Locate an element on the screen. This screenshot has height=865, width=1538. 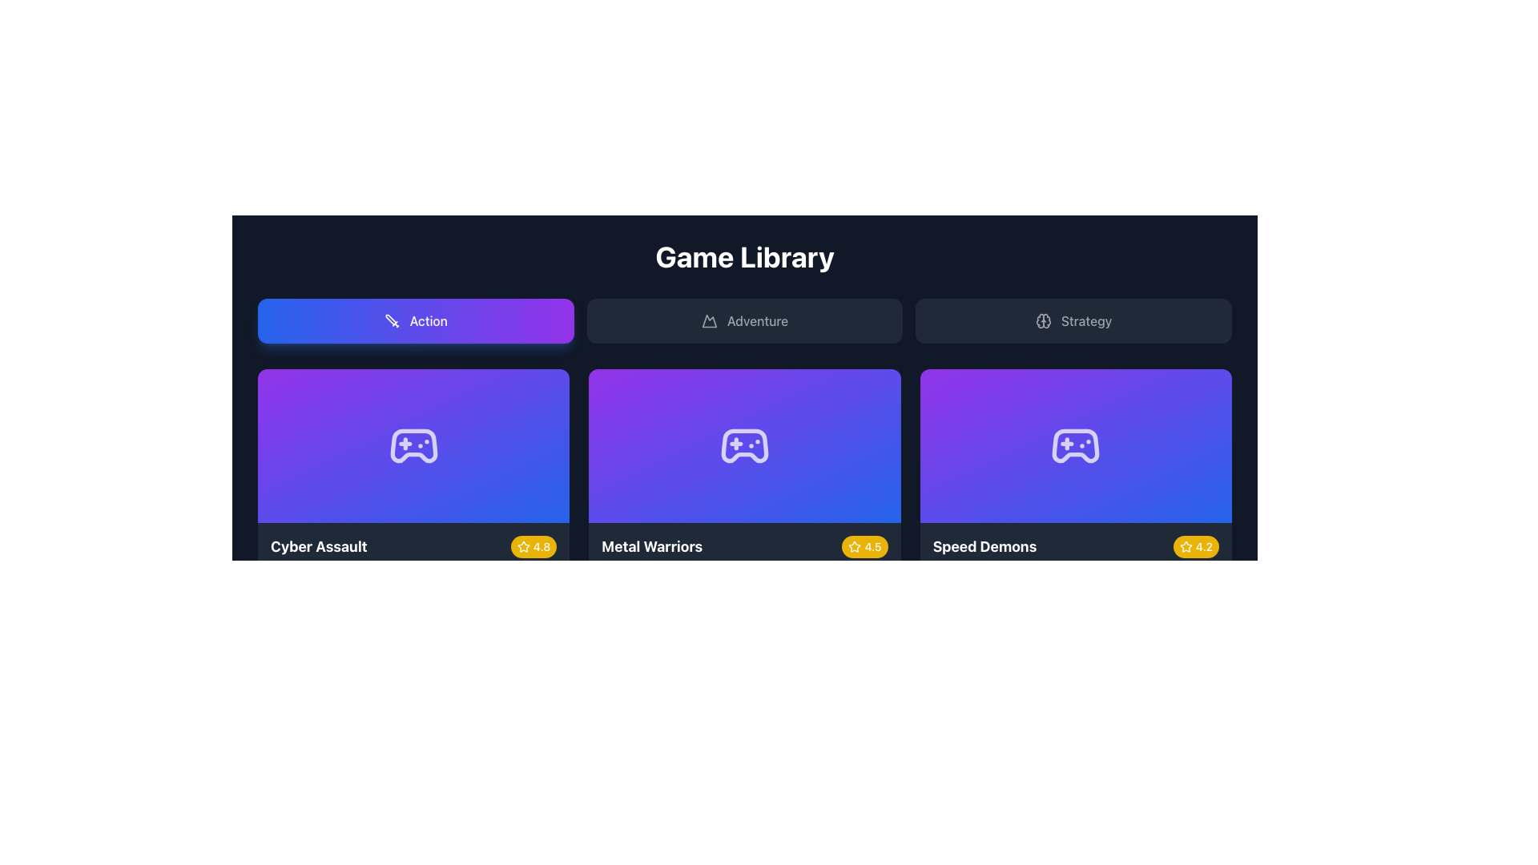
the golden star-shaped icon located inside the circular rating badge displaying '4.2' in the bottom right corner of the 'Speed Demons' game panel is located at coordinates (1186, 545).